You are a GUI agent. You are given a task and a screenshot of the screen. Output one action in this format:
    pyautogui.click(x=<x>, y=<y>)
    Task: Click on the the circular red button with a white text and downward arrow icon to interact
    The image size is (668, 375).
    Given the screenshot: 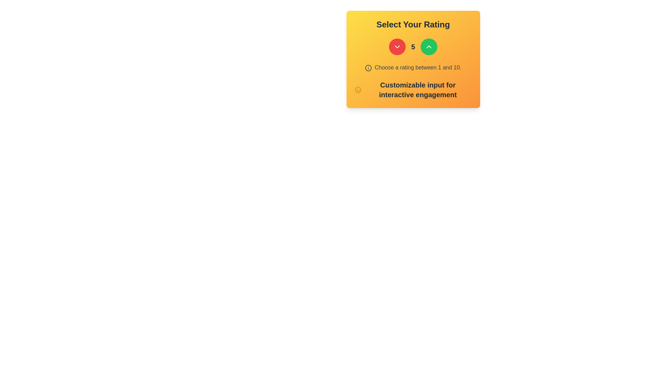 What is the action you would take?
    pyautogui.click(x=397, y=47)
    